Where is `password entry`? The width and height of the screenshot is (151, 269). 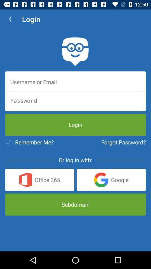
password entry is located at coordinates (75, 100).